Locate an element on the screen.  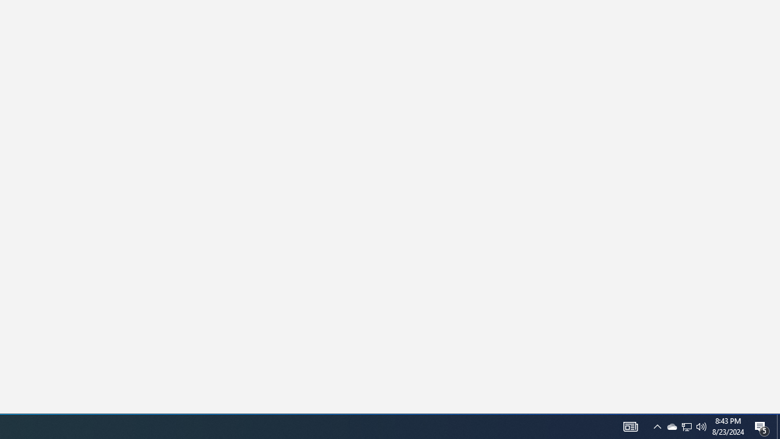
'User Promoted Notification Area' is located at coordinates (671, 426).